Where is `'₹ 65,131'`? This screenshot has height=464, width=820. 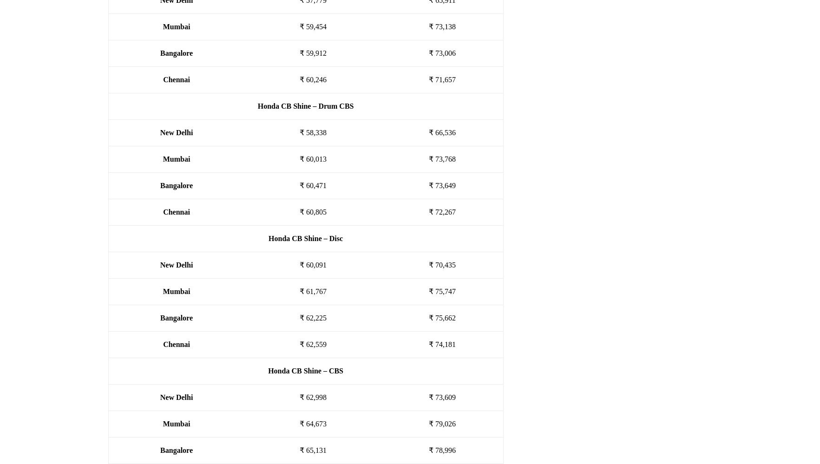
'₹ 65,131' is located at coordinates (312, 450).